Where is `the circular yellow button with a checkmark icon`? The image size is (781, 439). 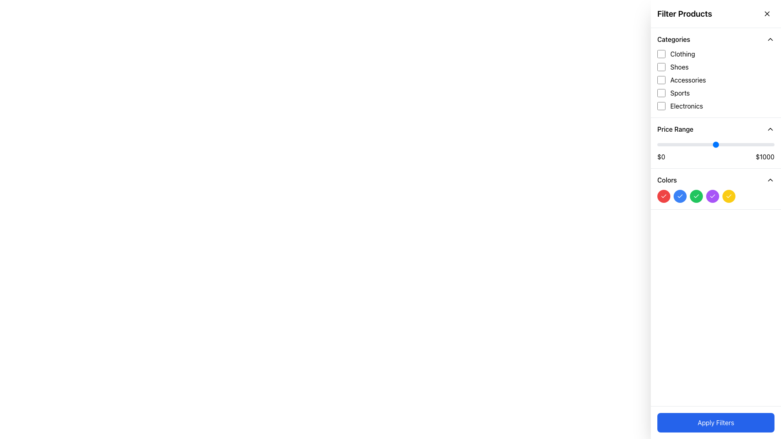
the circular yellow button with a checkmark icon is located at coordinates (729, 196).